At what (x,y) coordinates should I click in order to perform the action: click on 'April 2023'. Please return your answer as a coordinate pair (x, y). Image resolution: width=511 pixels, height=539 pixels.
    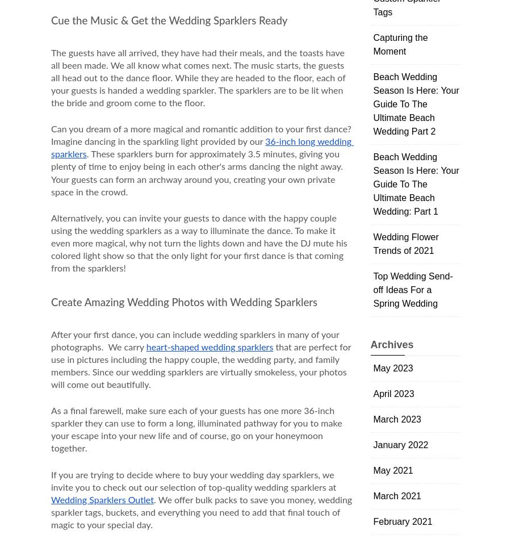
    Looking at the image, I should click on (393, 394).